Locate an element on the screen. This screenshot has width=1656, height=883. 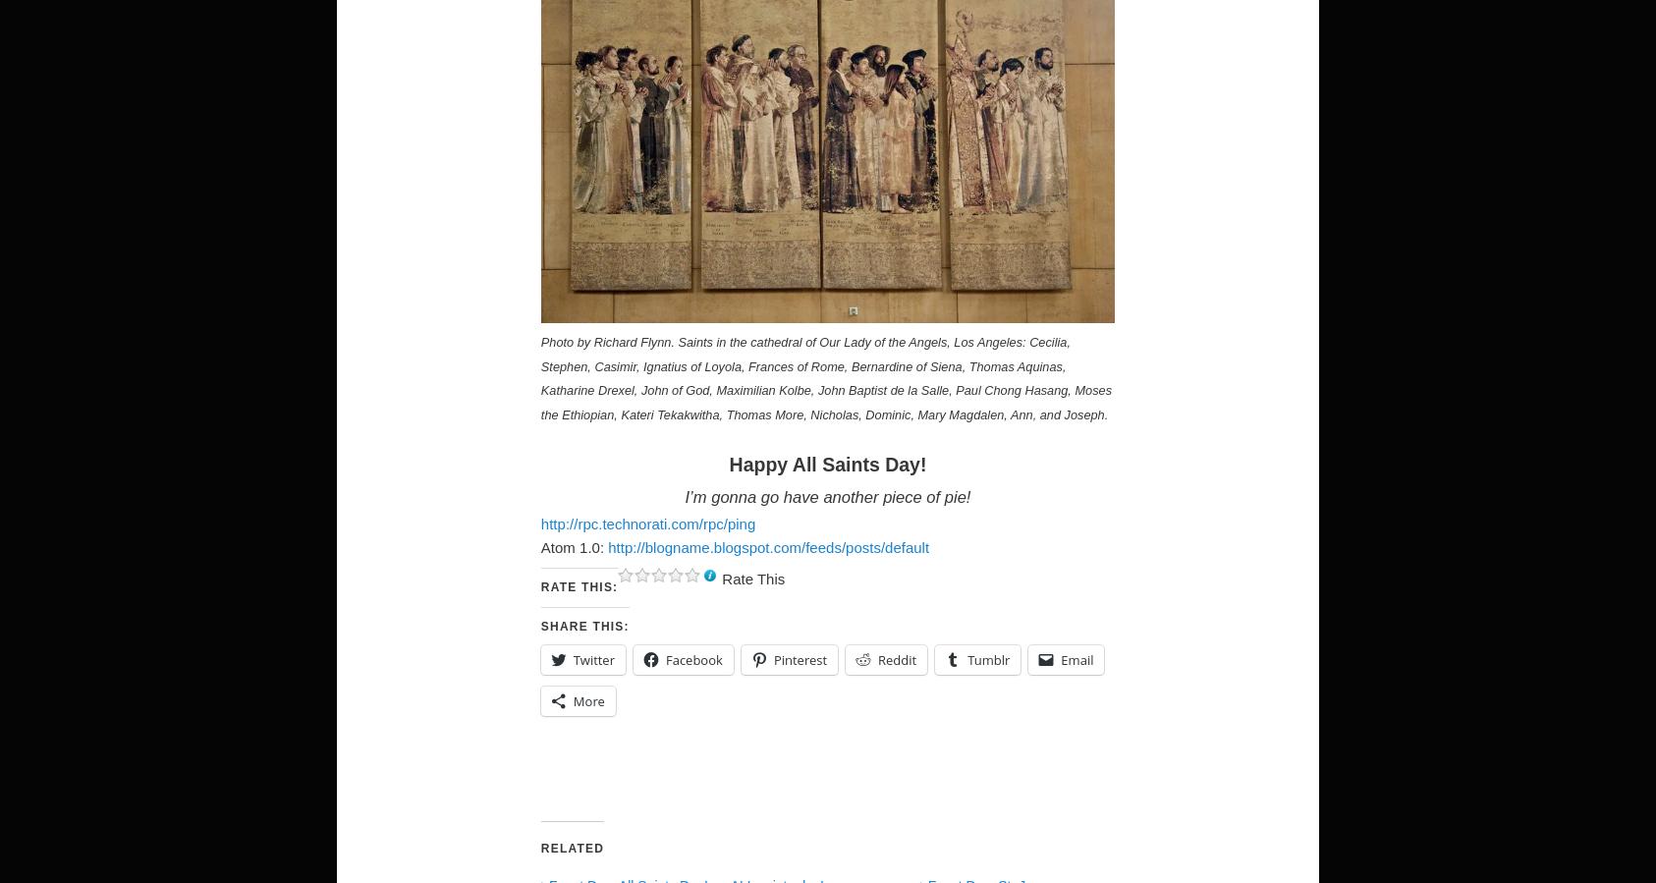
'Happy All Saints Day!' is located at coordinates (729, 464).